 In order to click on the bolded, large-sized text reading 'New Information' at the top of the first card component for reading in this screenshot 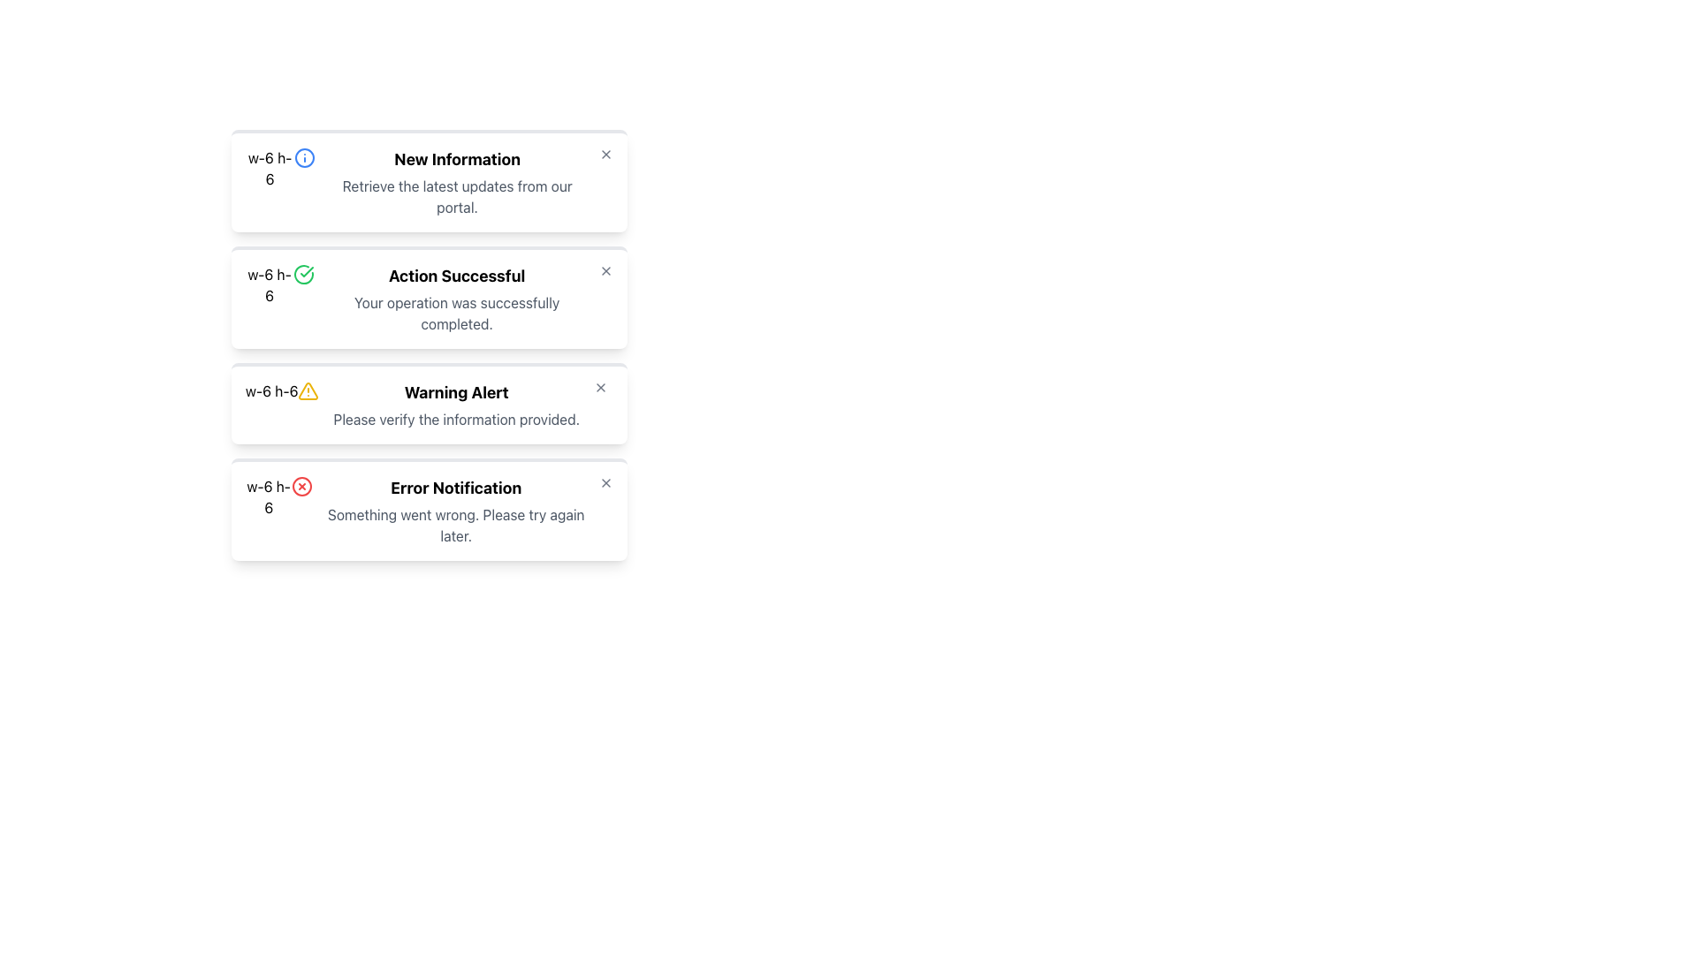, I will do `click(457, 160)`.